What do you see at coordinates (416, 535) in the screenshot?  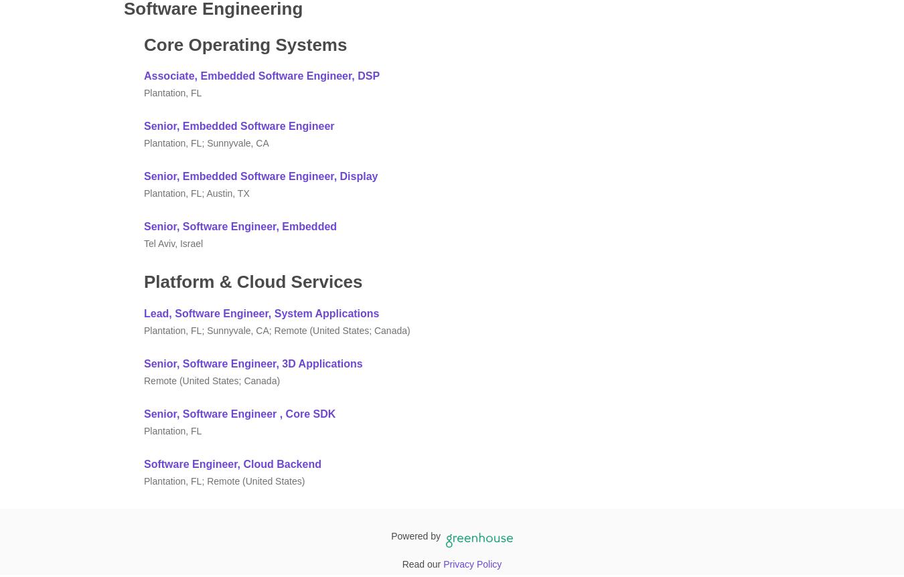 I see `'Powered by'` at bounding box center [416, 535].